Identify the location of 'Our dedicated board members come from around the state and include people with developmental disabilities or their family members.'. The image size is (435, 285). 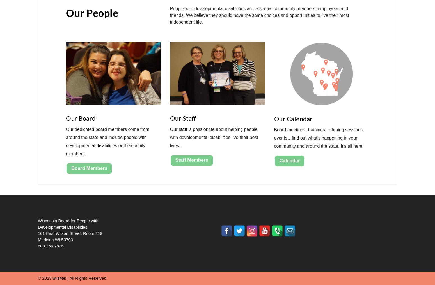
(107, 141).